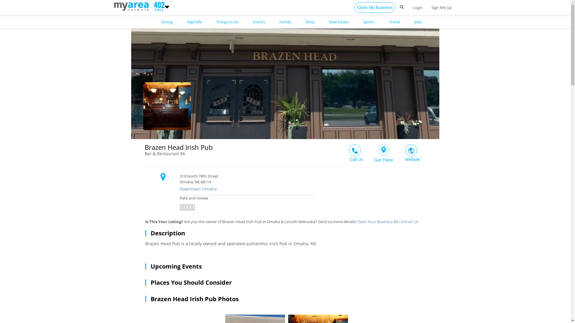 The width and height of the screenshot is (575, 323). What do you see at coordinates (285, 22) in the screenshot?
I see `'Family'` at bounding box center [285, 22].